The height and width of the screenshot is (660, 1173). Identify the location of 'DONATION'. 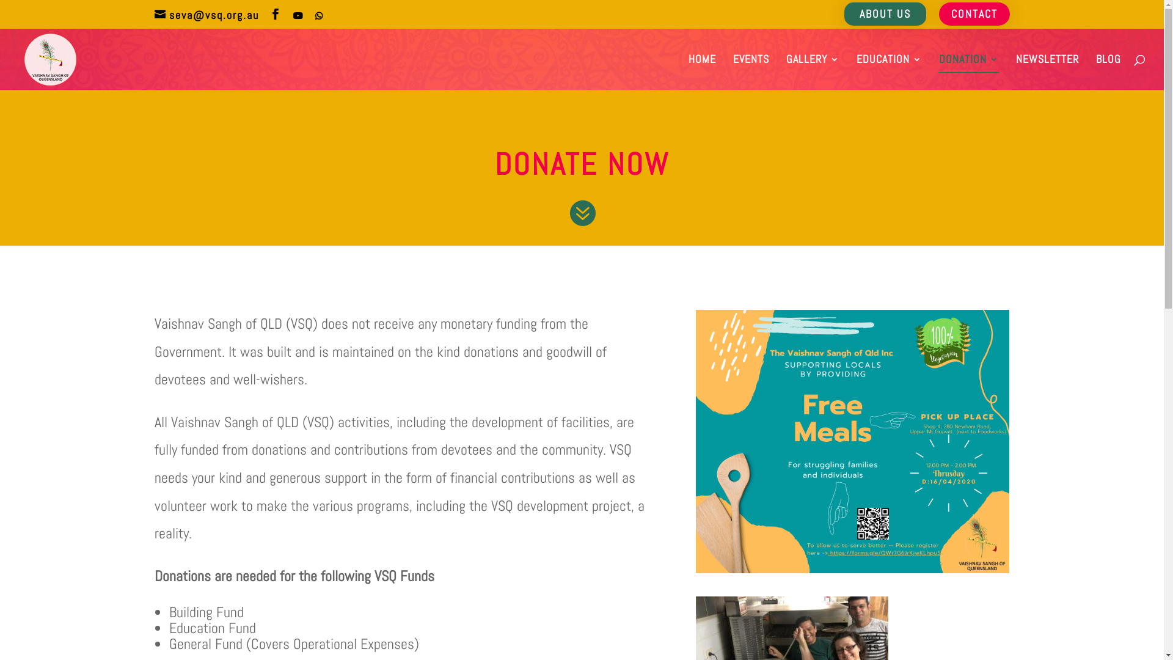
(938, 72).